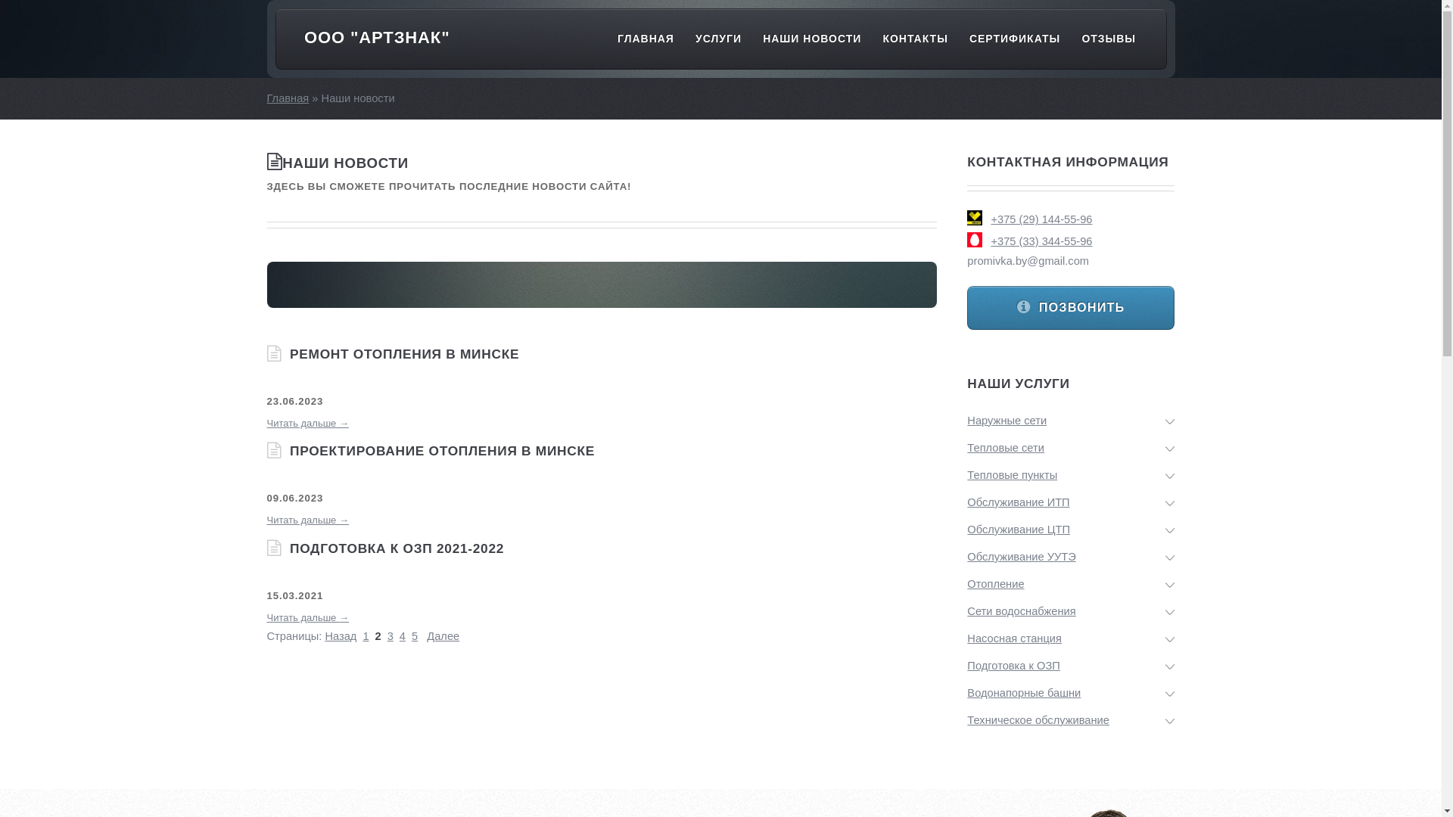 The height and width of the screenshot is (817, 1453). Describe the element at coordinates (366, 635) in the screenshot. I see `'1'` at that location.